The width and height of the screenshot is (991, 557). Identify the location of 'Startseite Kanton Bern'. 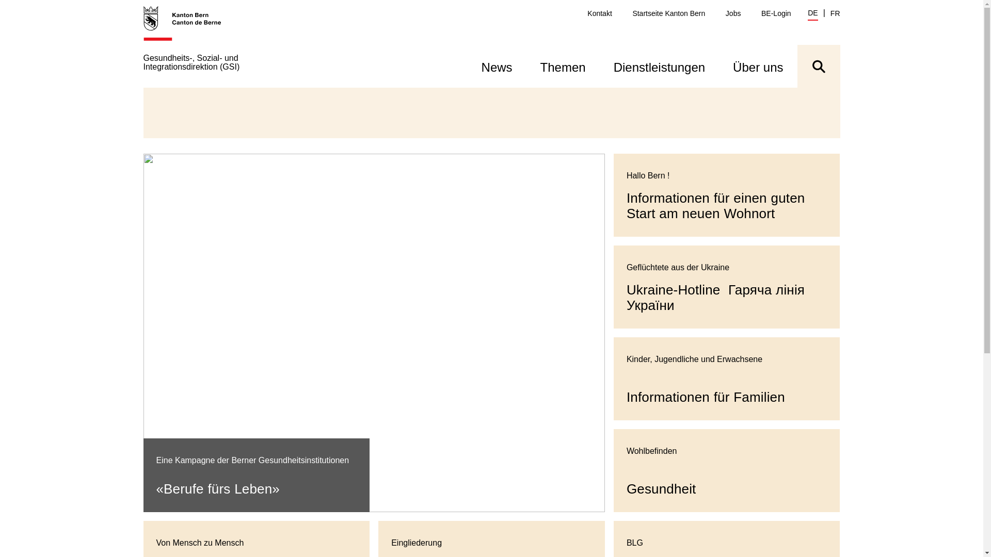
(668, 13).